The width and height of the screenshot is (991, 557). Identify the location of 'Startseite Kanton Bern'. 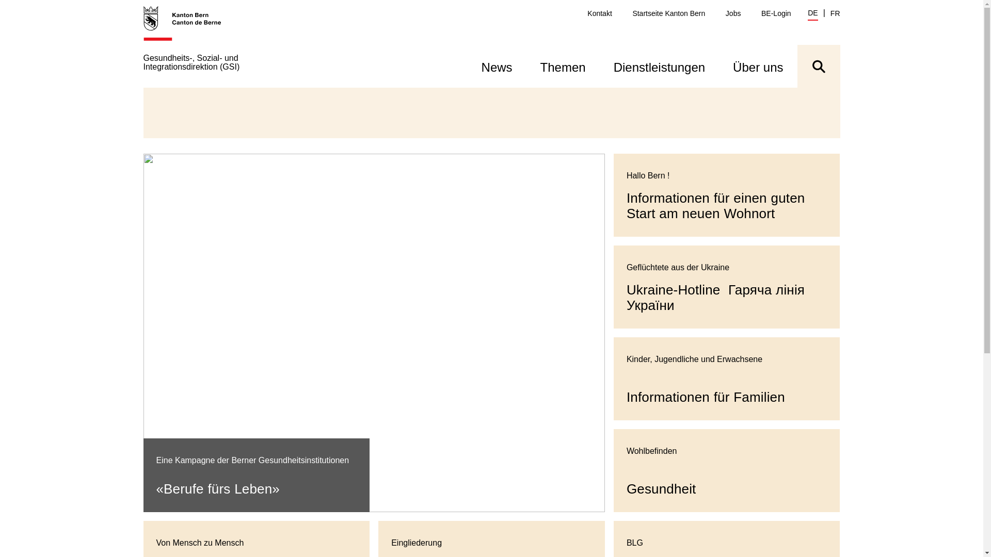
(668, 13).